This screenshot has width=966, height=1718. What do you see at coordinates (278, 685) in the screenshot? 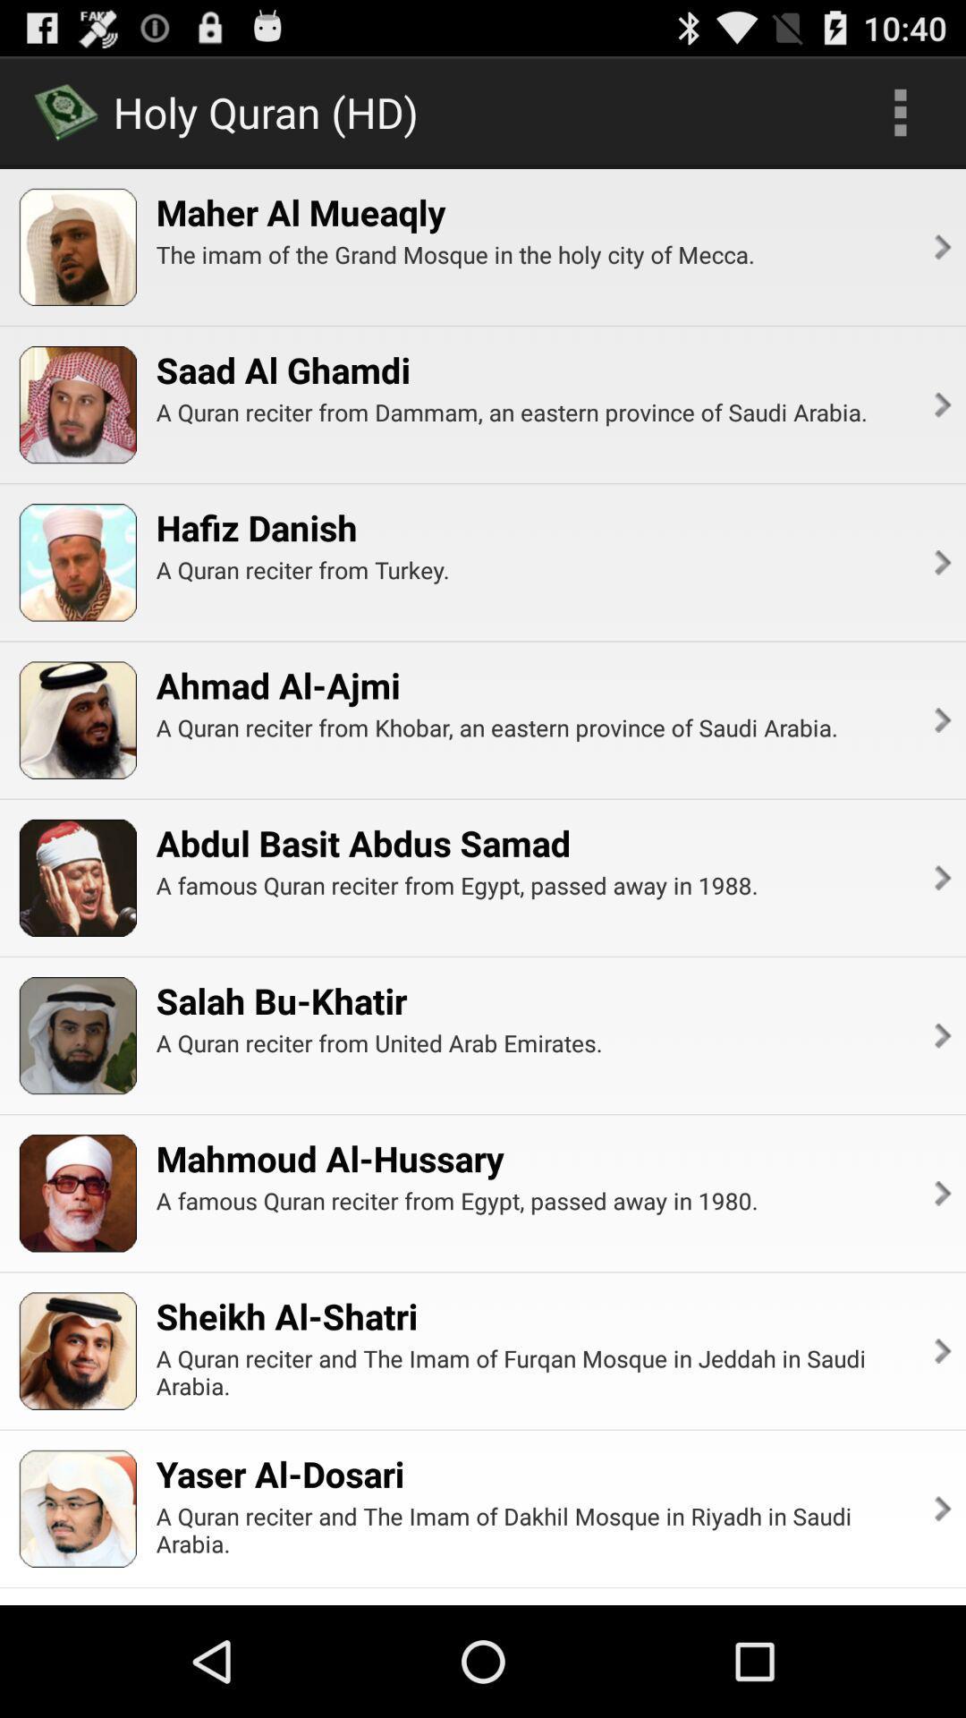
I see `the ahmad al-ajmi app` at bounding box center [278, 685].